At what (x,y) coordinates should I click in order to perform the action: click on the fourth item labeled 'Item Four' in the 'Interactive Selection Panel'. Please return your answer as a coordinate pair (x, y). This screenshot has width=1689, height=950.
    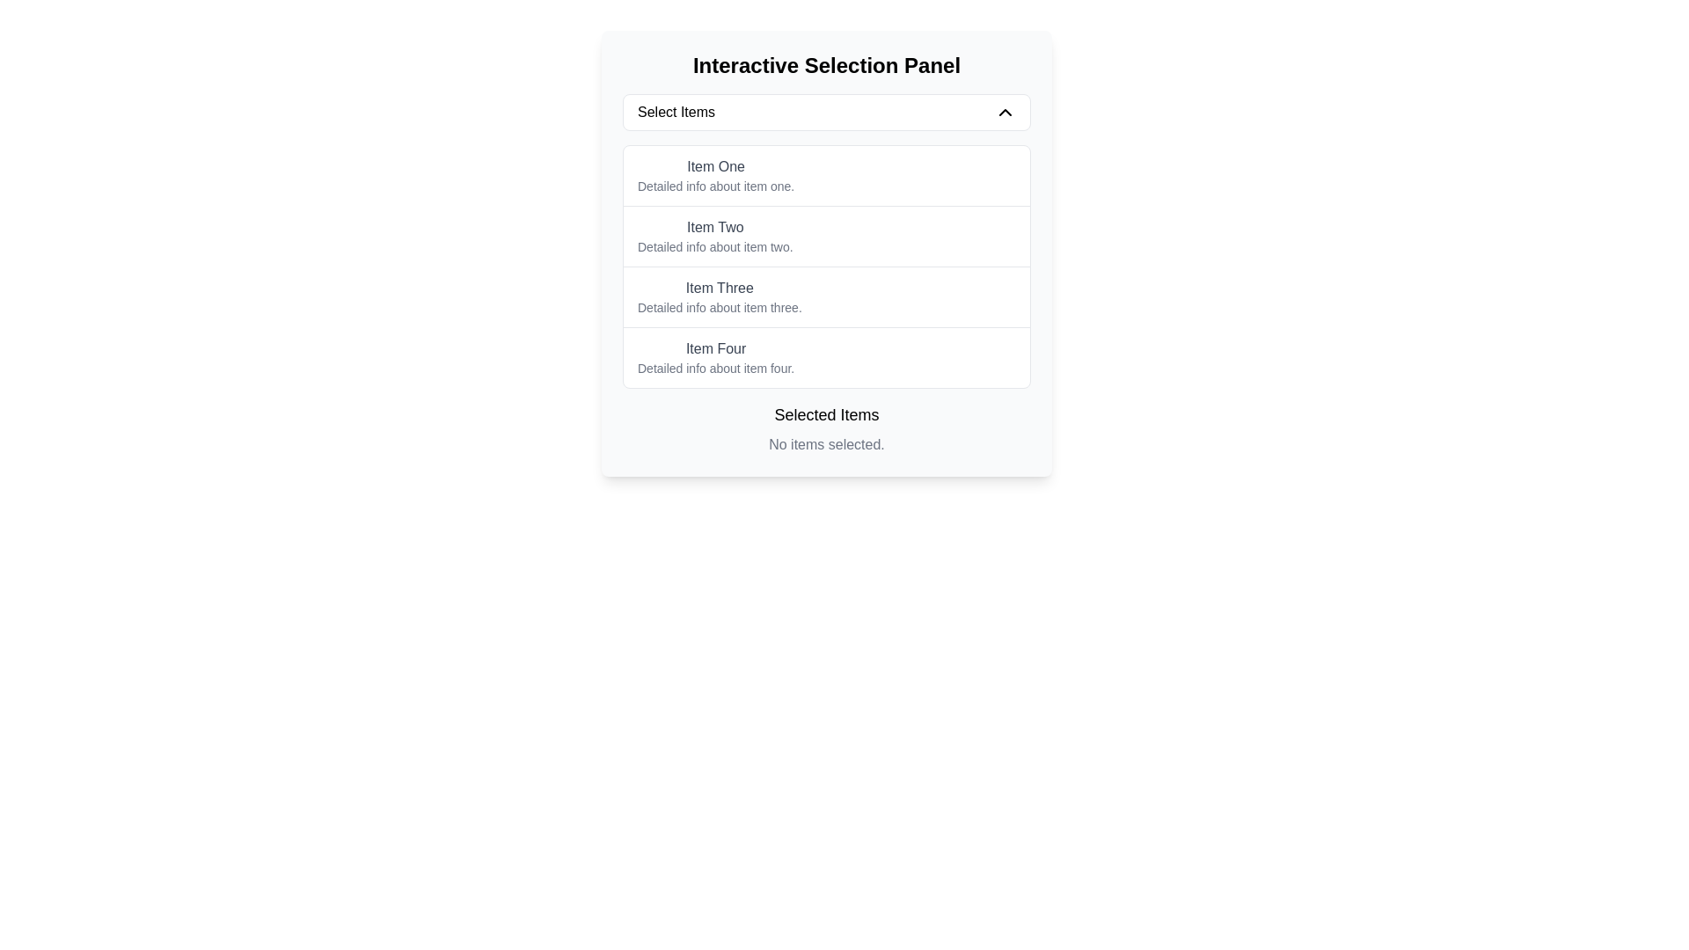
    Looking at the image, I should click on (716, 357).